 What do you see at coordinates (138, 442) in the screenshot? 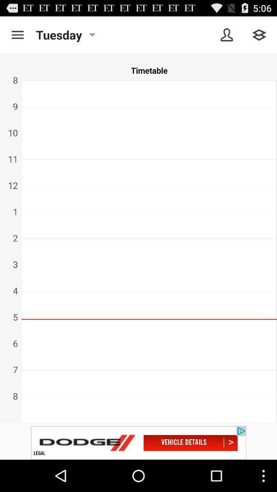
I see `advertisement page` at bounding box center [138, 442].